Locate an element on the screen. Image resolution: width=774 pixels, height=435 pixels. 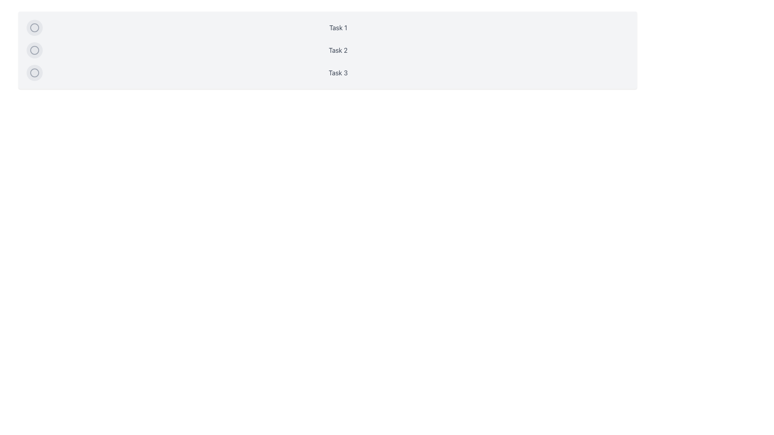
the topmost interactive checkbox next to the label 'Task 1' for keyboard navigation is located at coordinates (34, 27).